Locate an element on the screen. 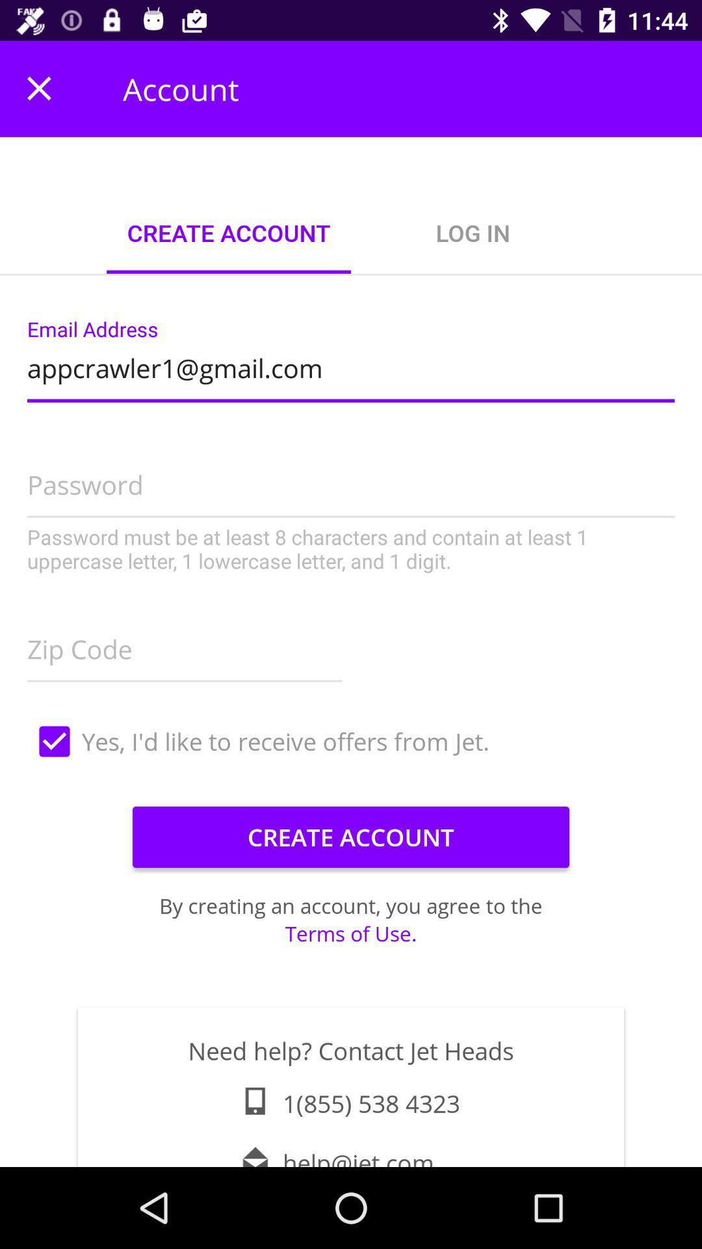  item above the create account is located at coordinates (351, 742).